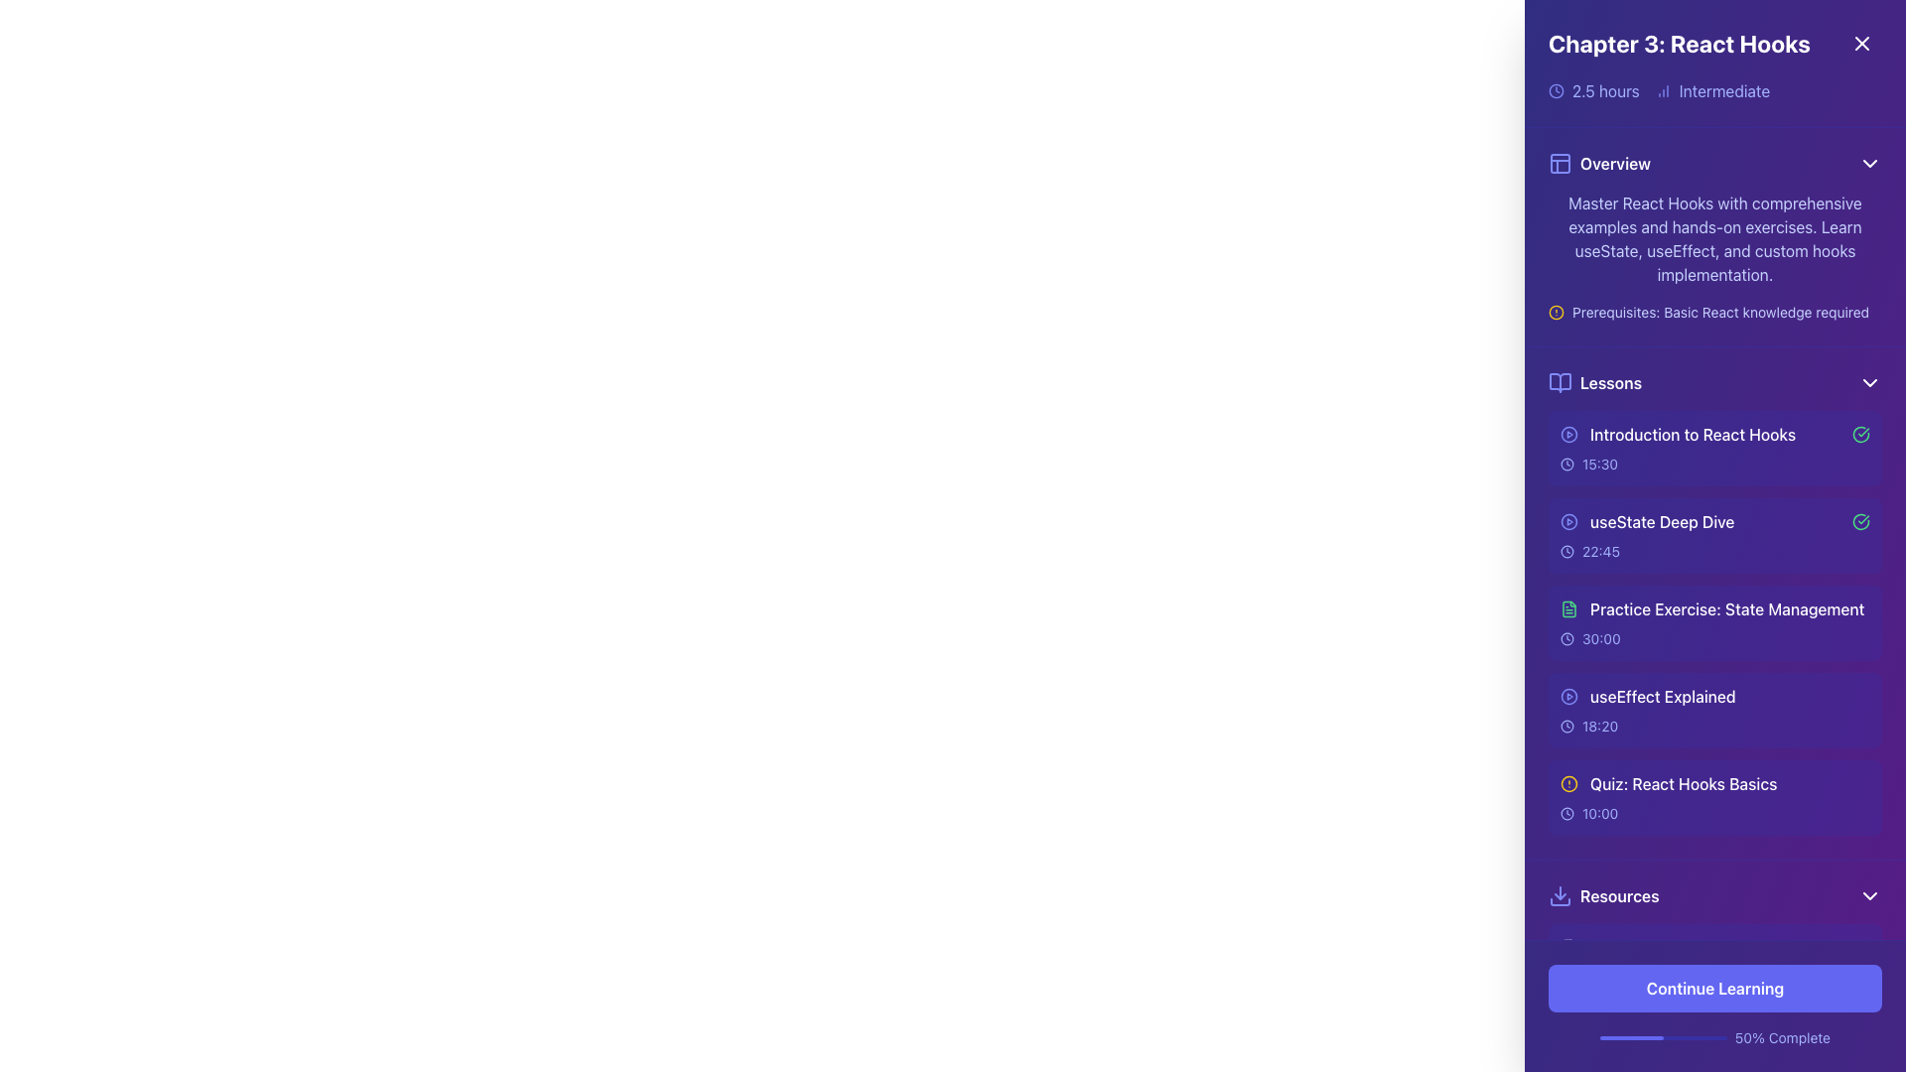 This screenshot has width=1906, height=1072. What do you see at coordinates (1600, 551) in the screenshot?
I see `the static text indicating the length or duration of the 'useState Deep Dive' lesson, positioned in the second entry of the 'Lessons' section` at bounding box center [1600, 551].